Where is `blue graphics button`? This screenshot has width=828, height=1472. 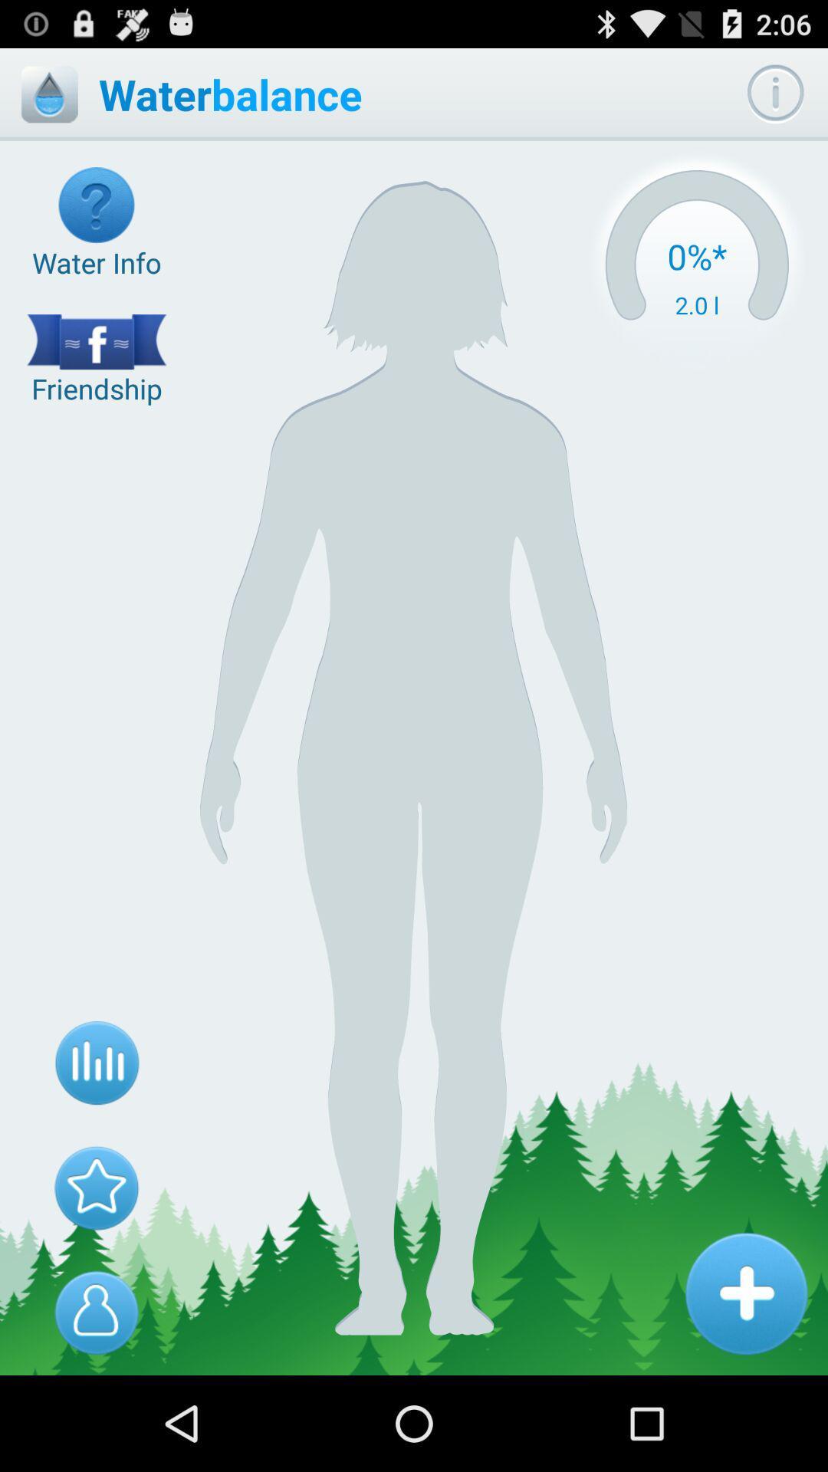 blue graphics button is located at coordinates (97, 1063).